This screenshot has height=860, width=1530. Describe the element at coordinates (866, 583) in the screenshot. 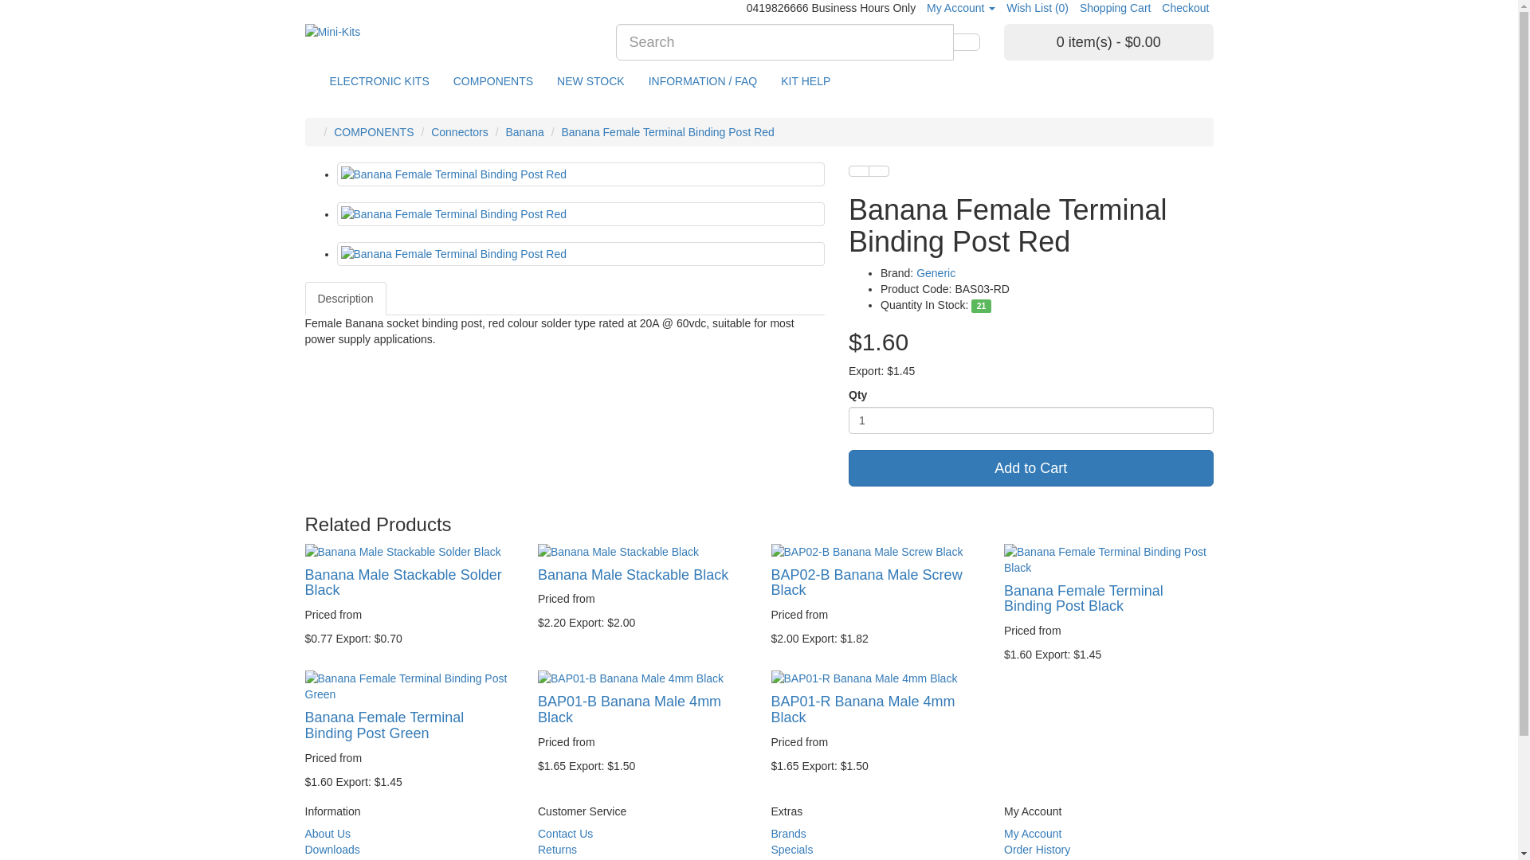

I see `'BAP02-B Banana Male Screw Black'` at that location.